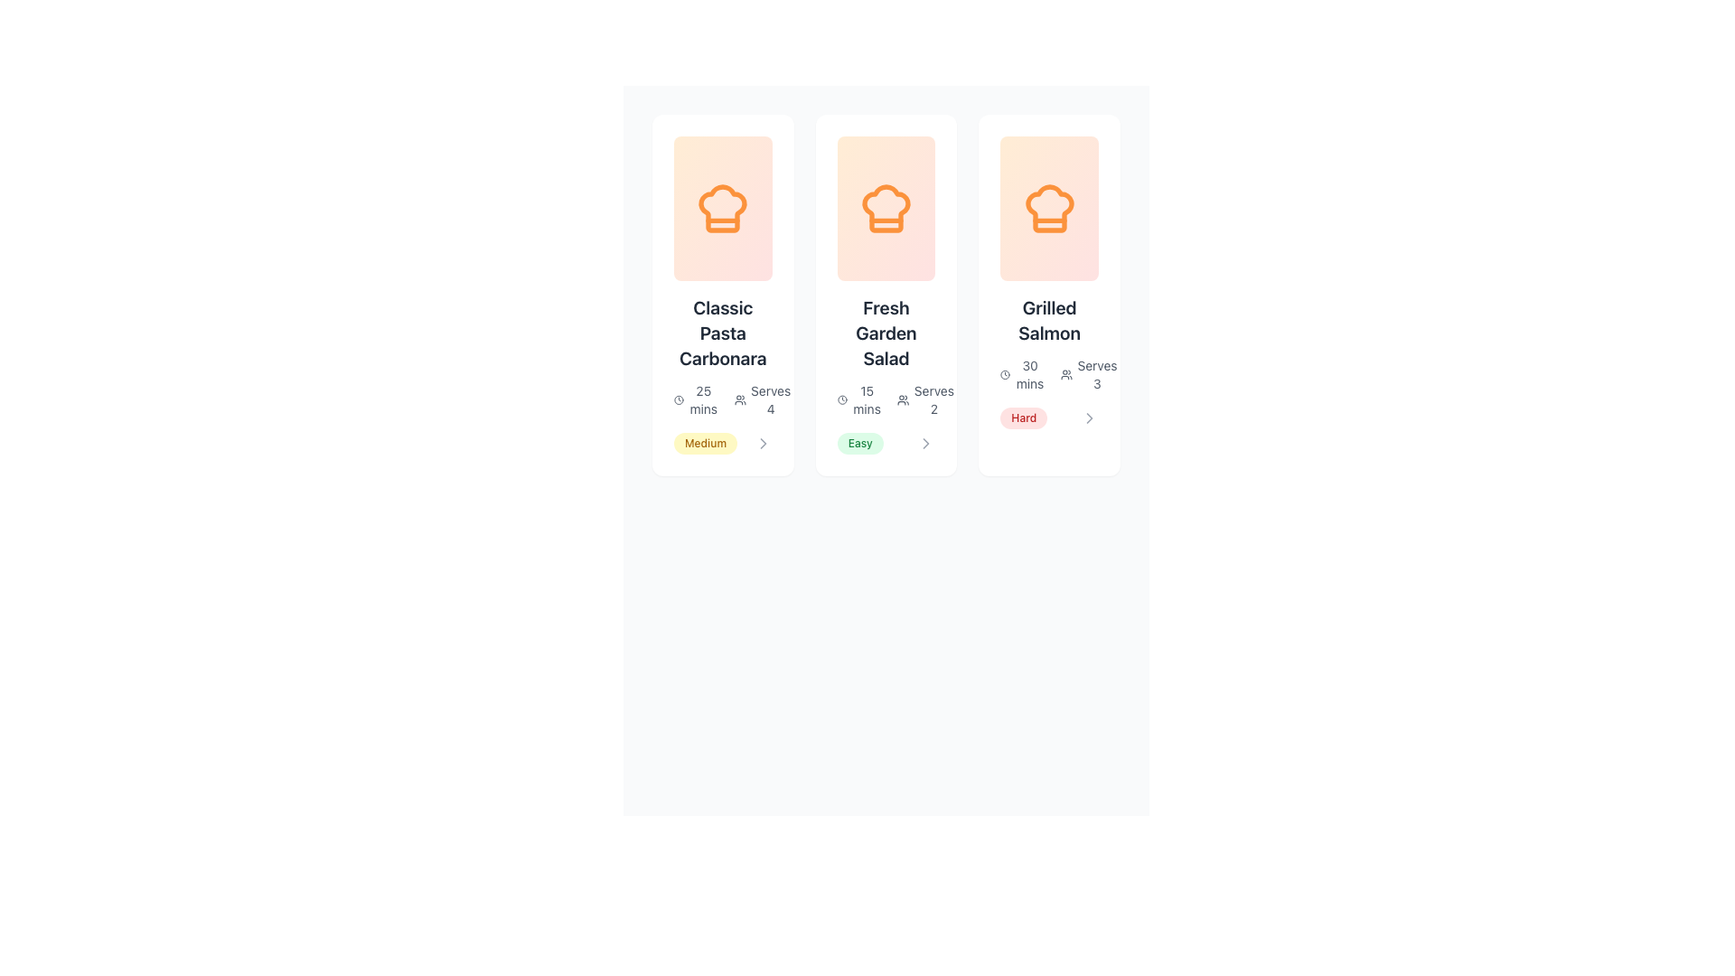  I want to click on the Chevron Right icon located at the bottom-right corner of the Grilled Salmon card, so click(1088, 418).